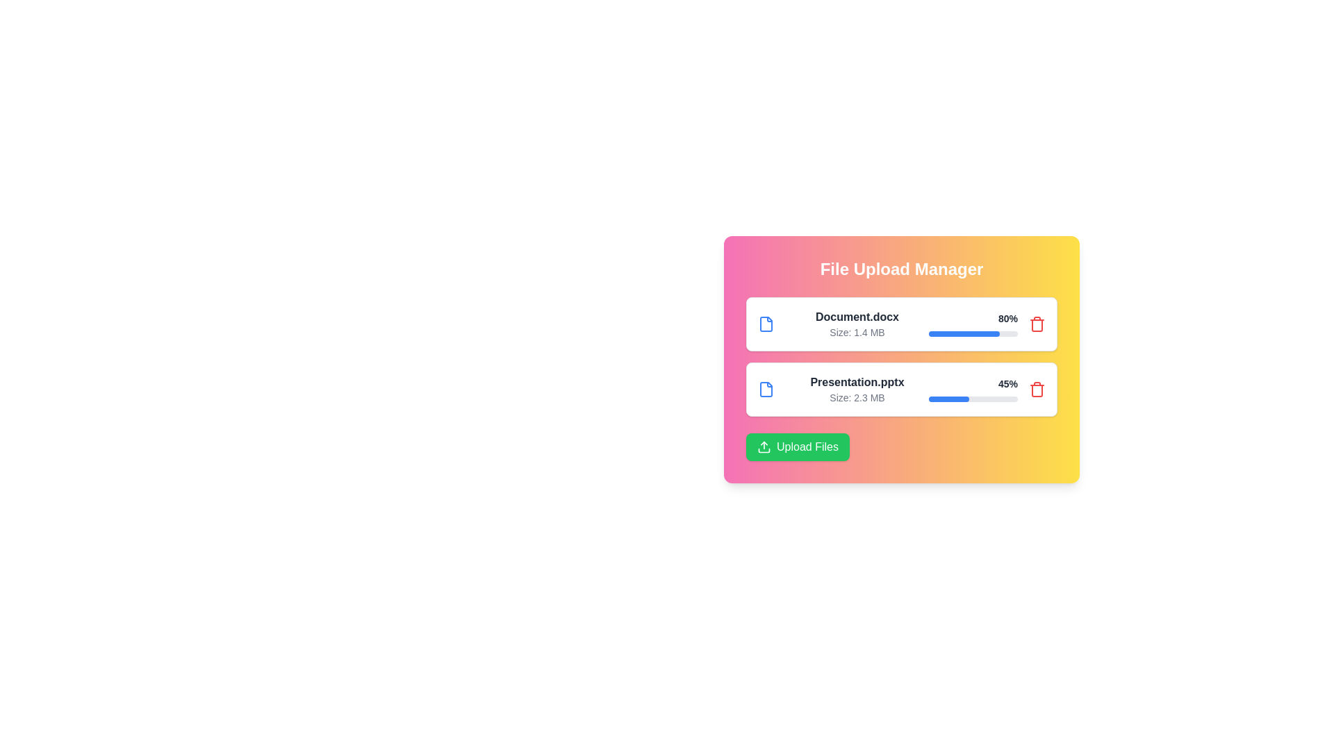  What do you see at coordinates (797, 447) in the screenshot?
I see `'Upload Files' button` at bounding box center [797, 447].